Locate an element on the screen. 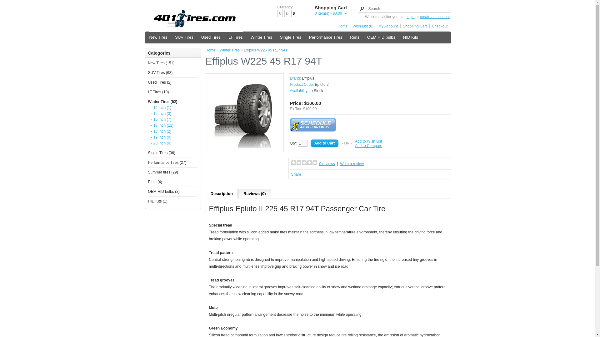  'Winter Tires (52)' is located at coordinates (163, 101).